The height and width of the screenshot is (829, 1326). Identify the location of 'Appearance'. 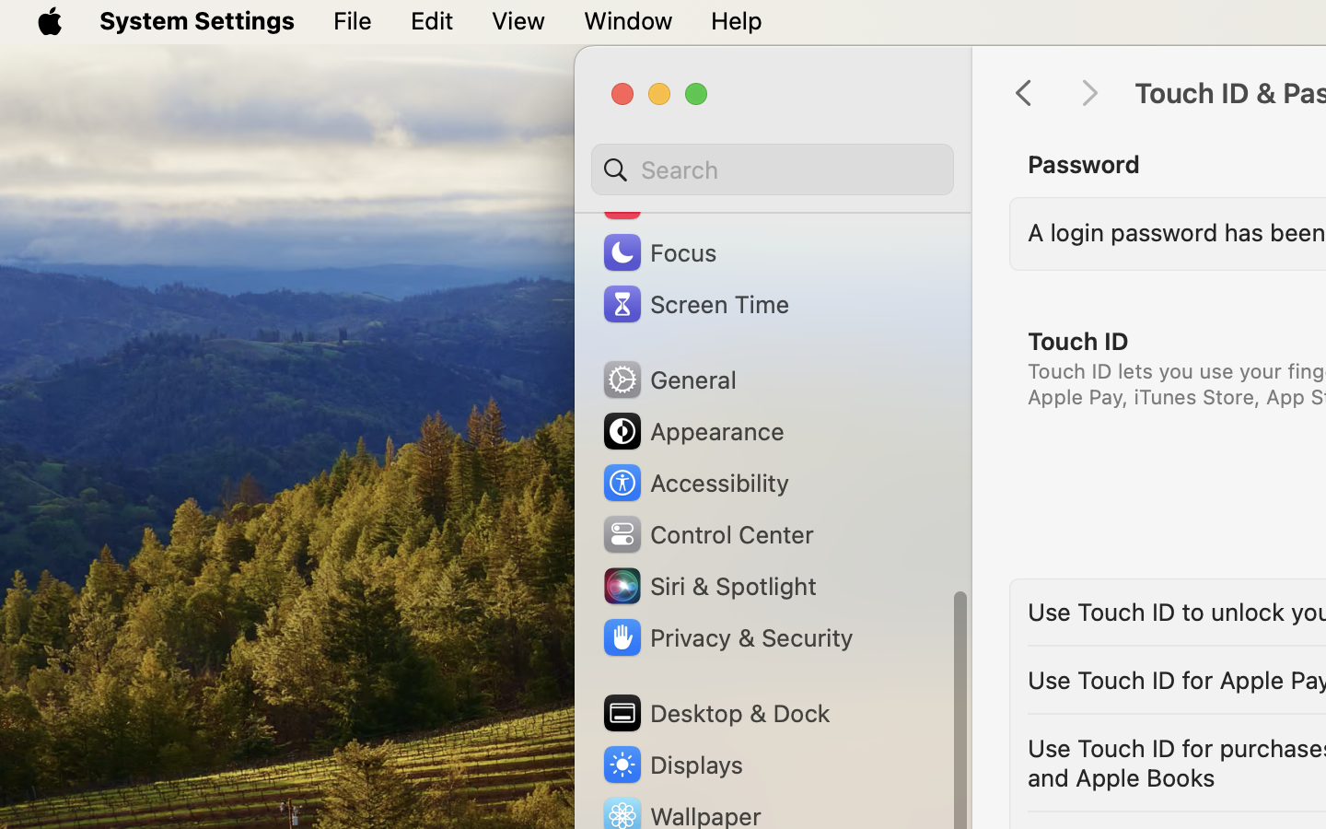
(691, 430).